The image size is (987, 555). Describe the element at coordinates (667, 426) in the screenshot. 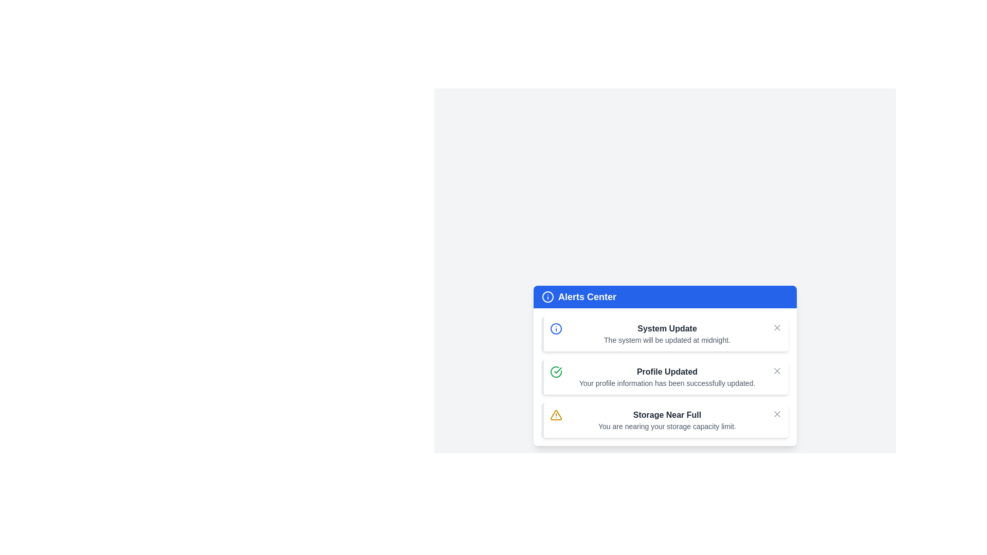

I see `the text label reading 'You are nearing your storage capacity limit.' located under the bold heading 'Storage Near Full' in the third notification card of the 'Alerts Center' panel` at that location.